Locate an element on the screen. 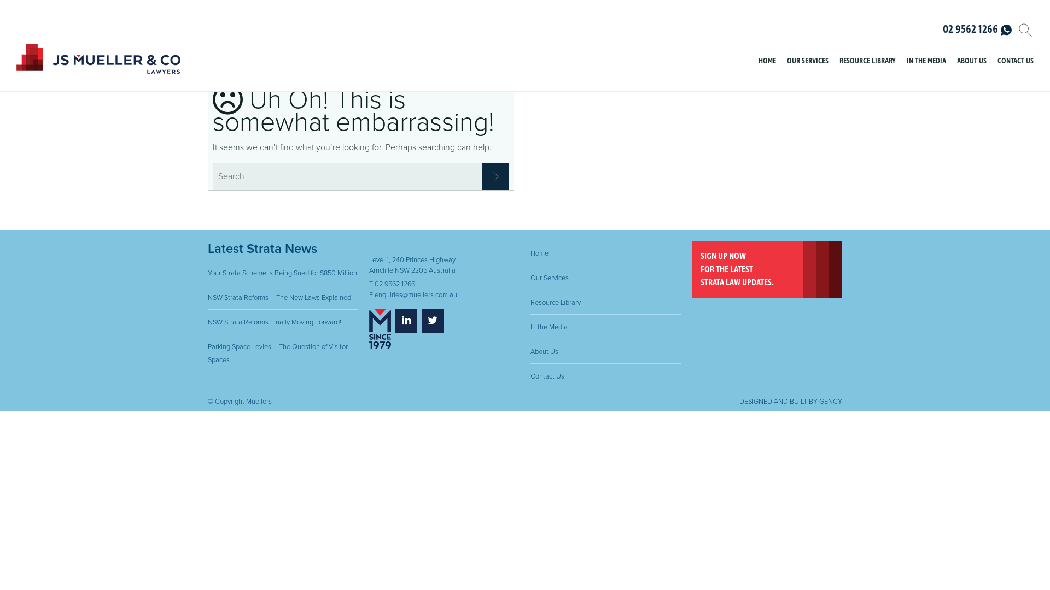  'GENCY' is located at coordinates (830, 402).